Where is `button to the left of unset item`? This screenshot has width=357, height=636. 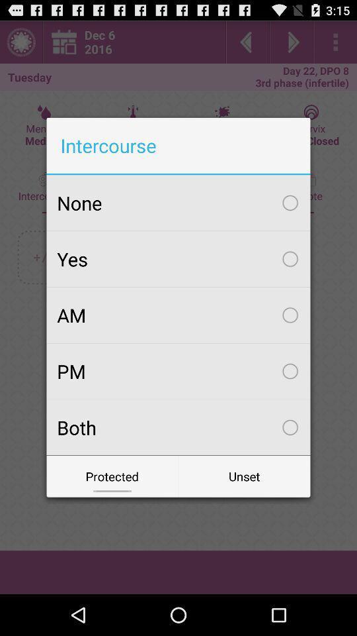
button to the left of unset item is located at coordinates (112, 476).